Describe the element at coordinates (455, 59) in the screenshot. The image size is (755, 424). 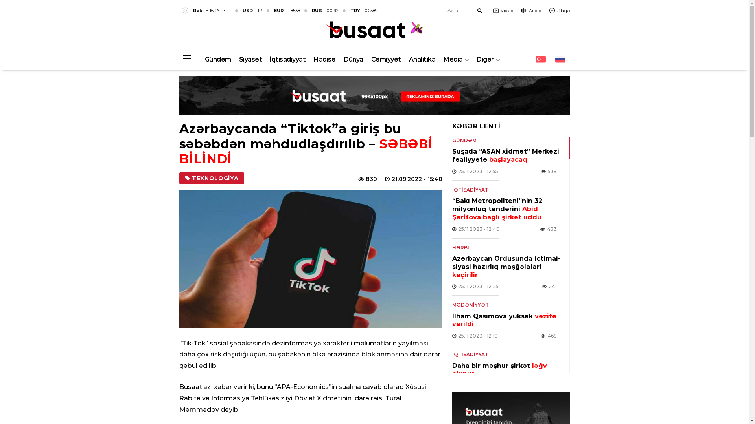
I see `'Media'` at that location.